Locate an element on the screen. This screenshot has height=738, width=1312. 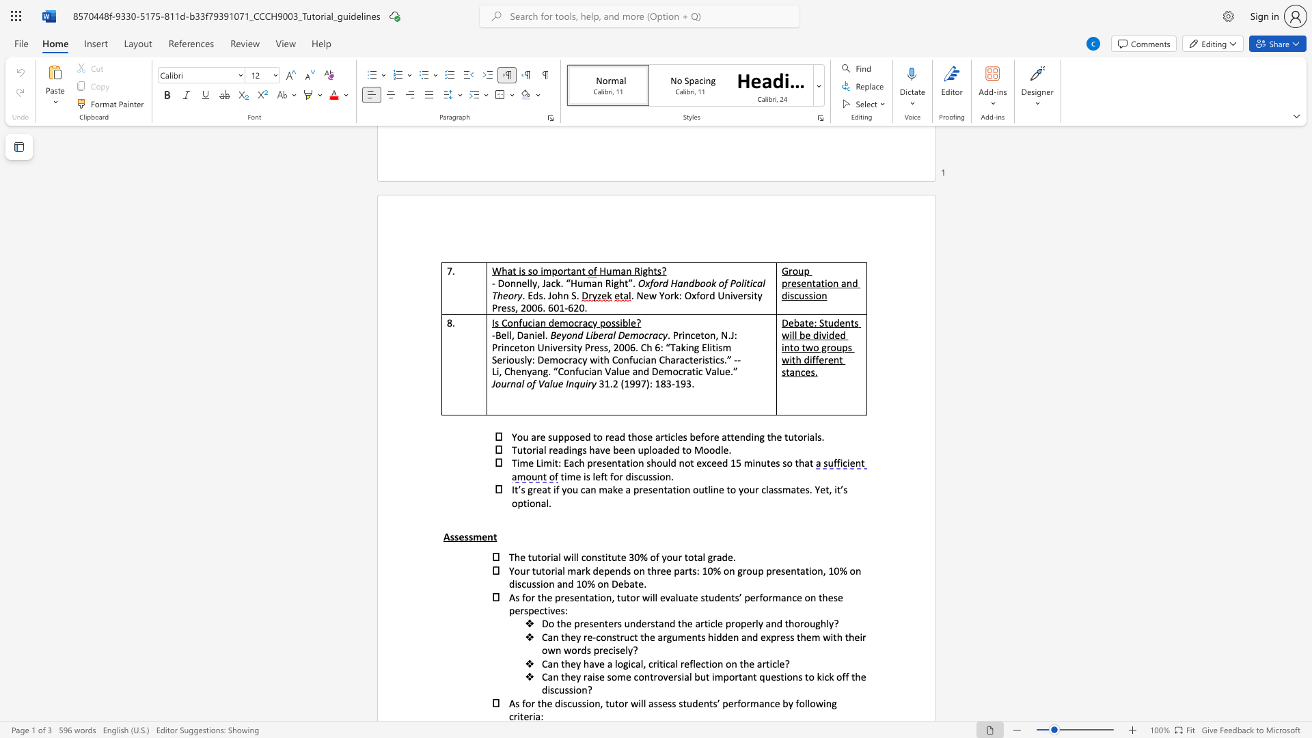
the subset text "Tutorial readings have been uplo" within the text "Tutorial readings have been uploaded to Moodle." is located at coordinates (510, 450).